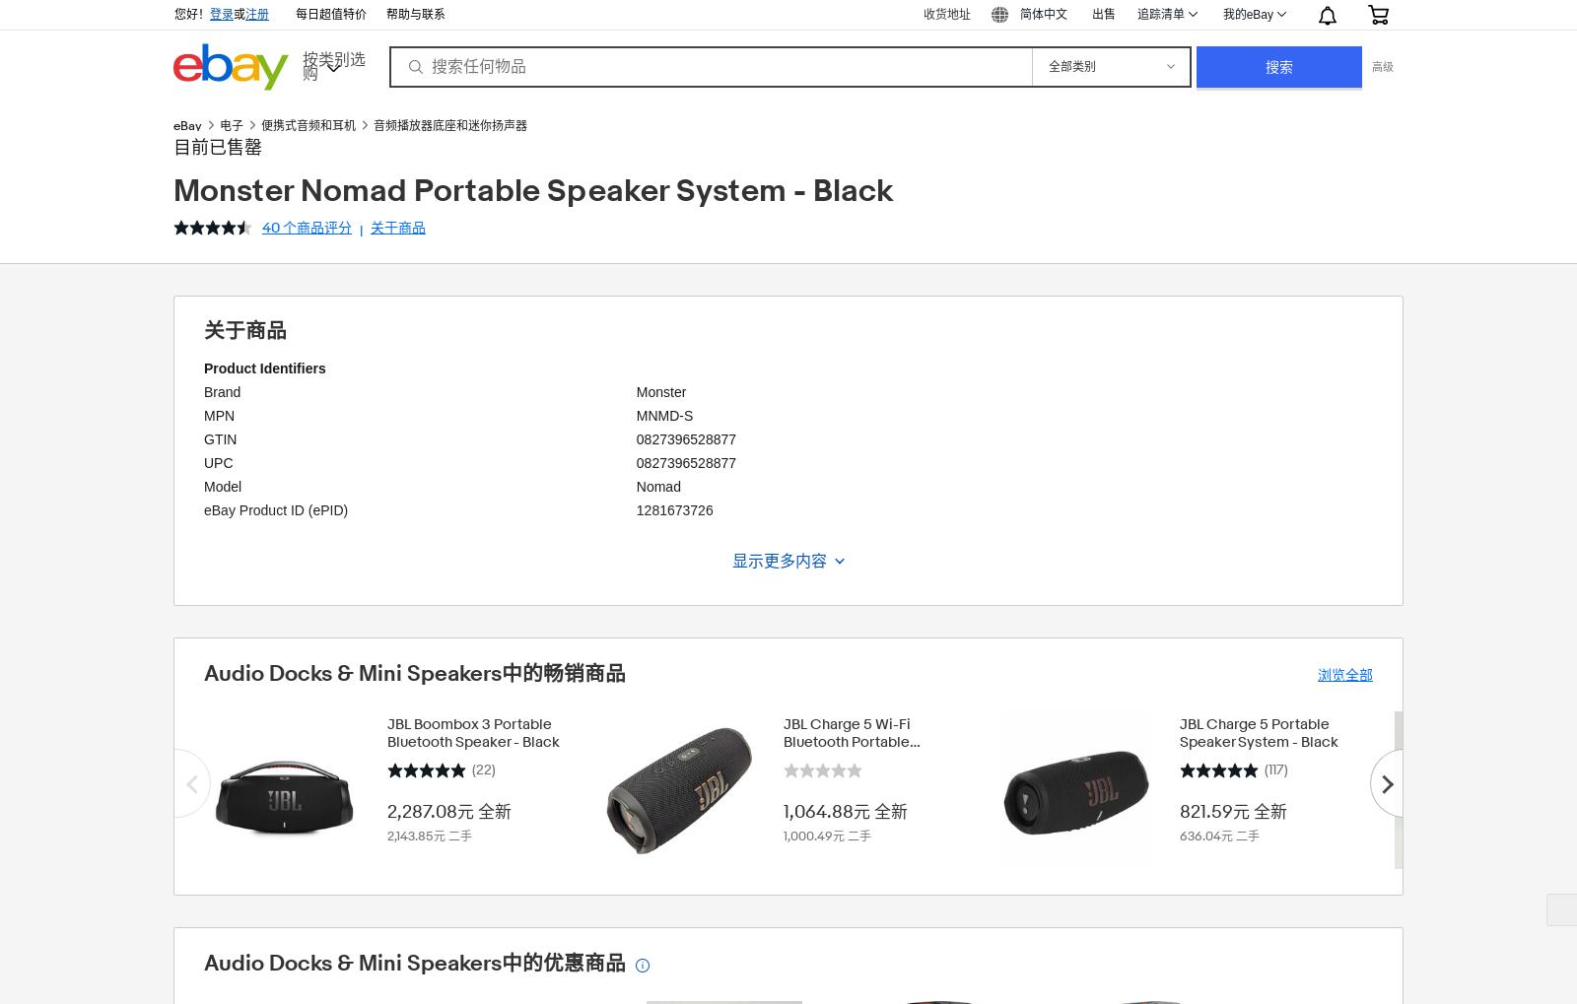  Describe the element at coordinates (447, 811) in the screenshot. I see `'2,287.08元 全新'` at that location.